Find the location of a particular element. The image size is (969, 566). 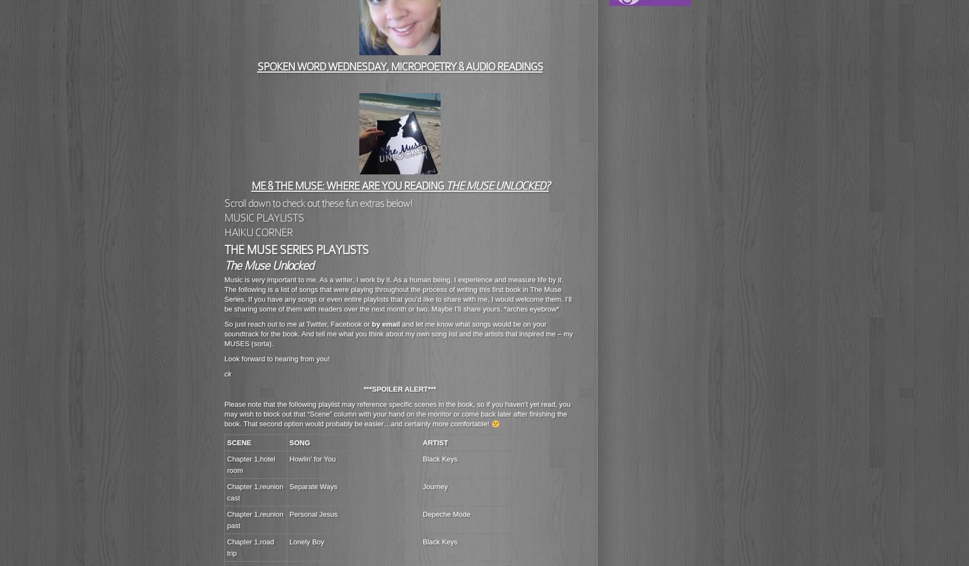

'Lonely Boy' is located at coordinates (289, 542).